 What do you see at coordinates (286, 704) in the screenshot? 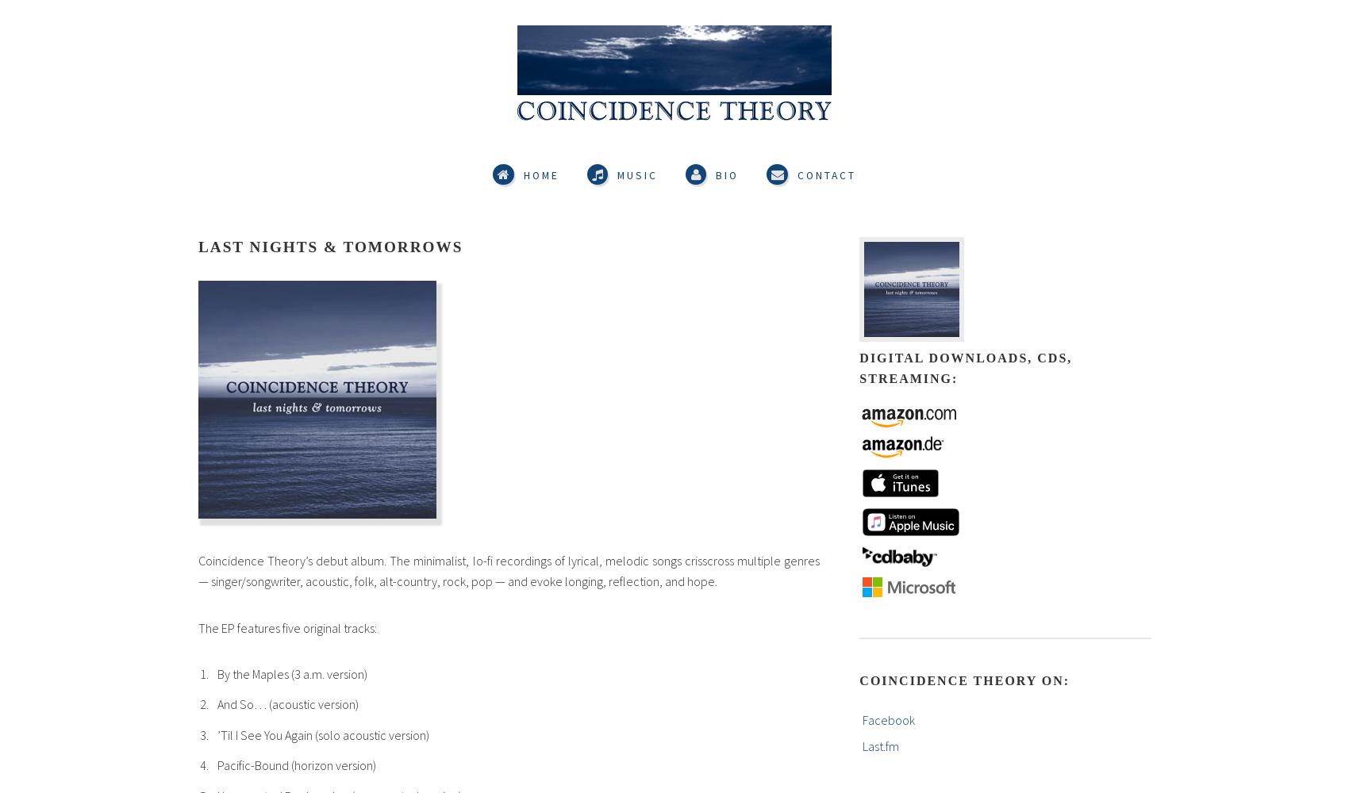
I see `'And So… (acoustic version)'` at bounding box center [286, 704].